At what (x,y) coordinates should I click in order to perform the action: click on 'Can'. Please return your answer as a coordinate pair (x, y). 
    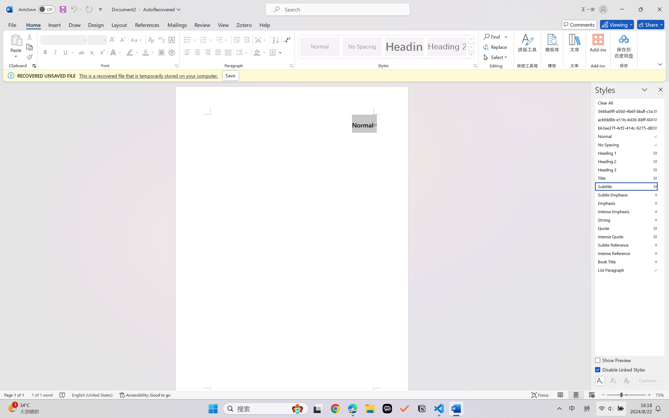
    Looking at the image, I should click on (73, 9).